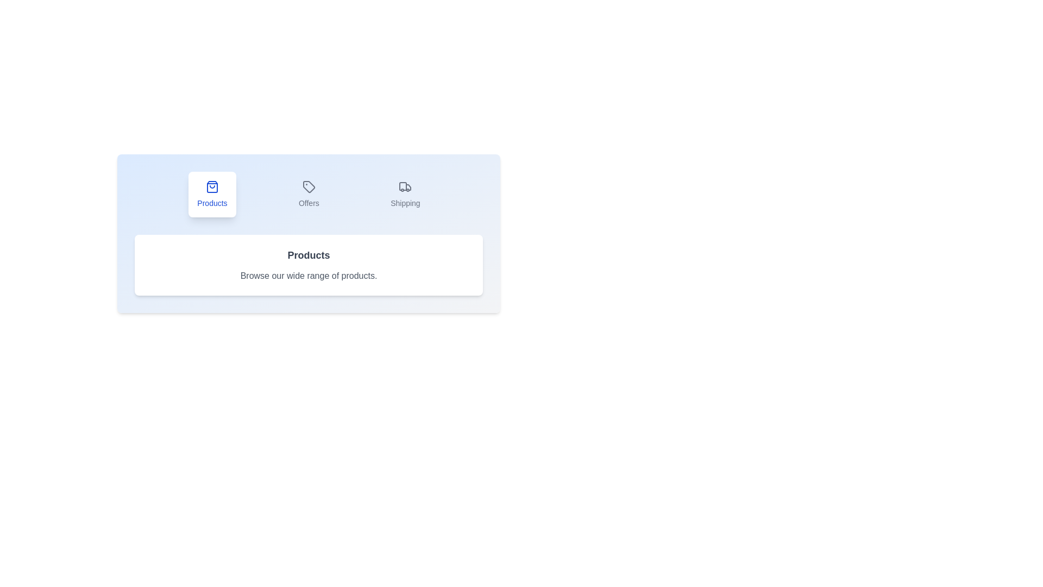 The height and width of the screenshot is (587, 1043). What do you see at coordinates (405, 194) in the screenshot?
I see `the Shipping tab` at bounding box center [405, 194].